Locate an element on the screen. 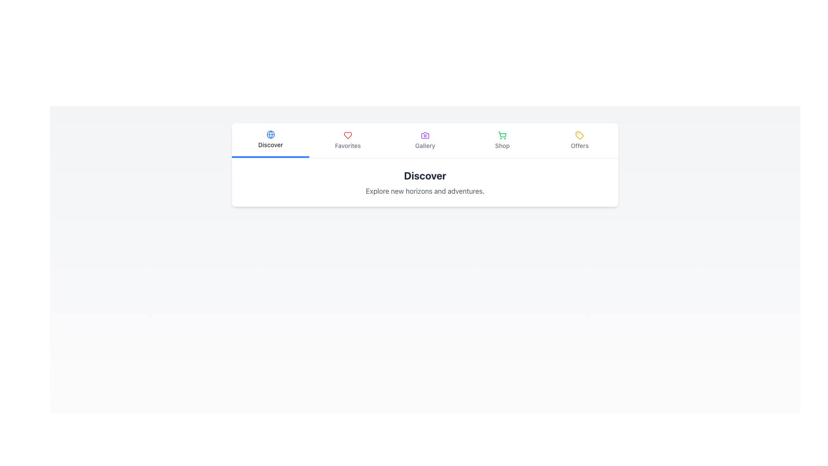 Image resolution: width=828 pixels, height=466 pixels. the 'Favorites' navigation button is located at coordinates (348, 140).